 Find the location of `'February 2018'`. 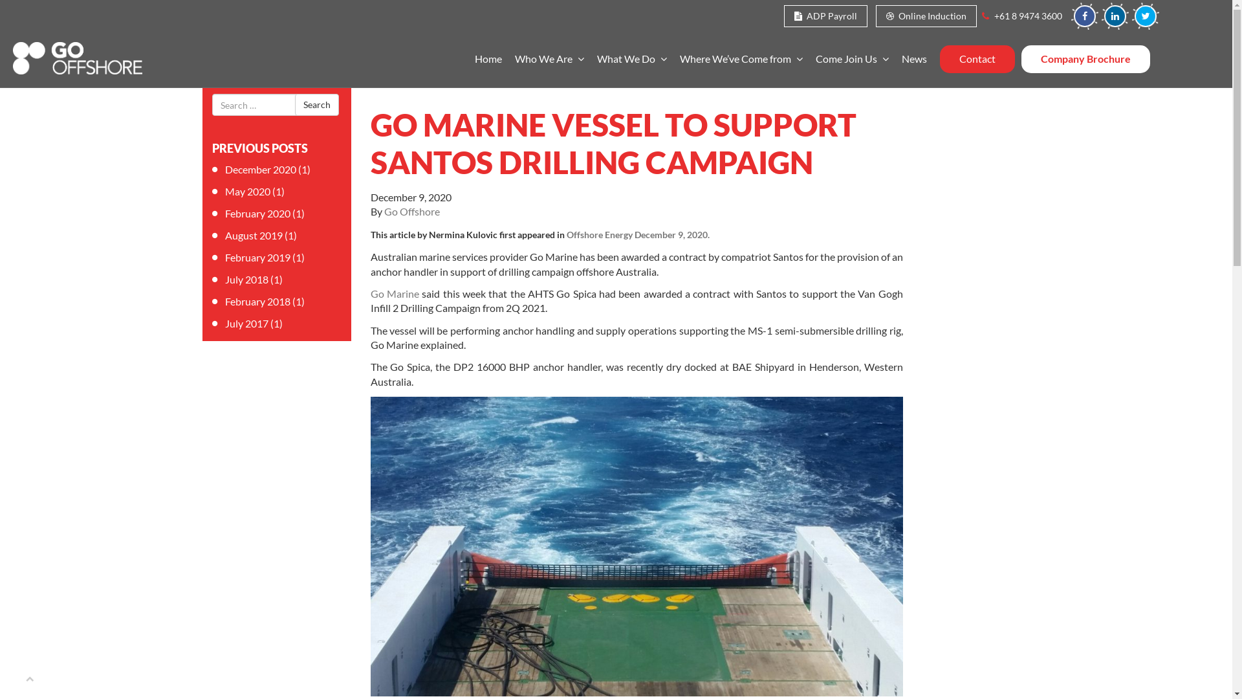

'February 2018' is located at coordinates (257, 301).